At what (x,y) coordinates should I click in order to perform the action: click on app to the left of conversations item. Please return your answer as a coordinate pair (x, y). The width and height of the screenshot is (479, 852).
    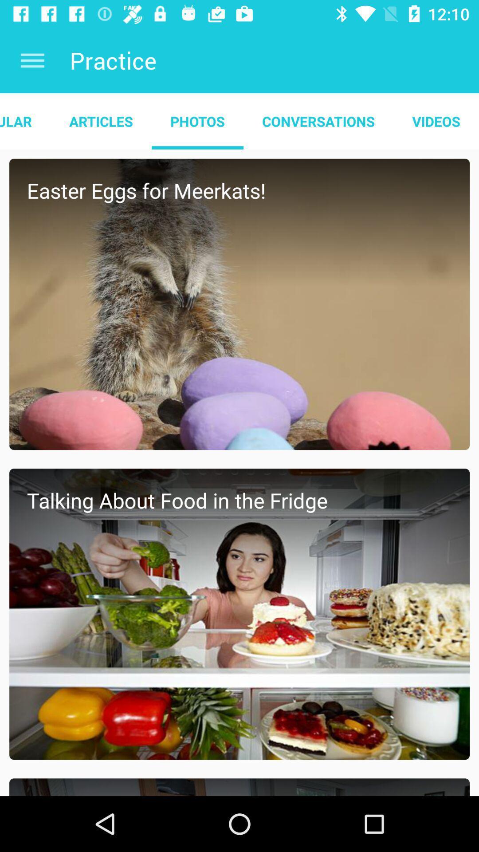
    Looking at the image, I should click on (197, 121).